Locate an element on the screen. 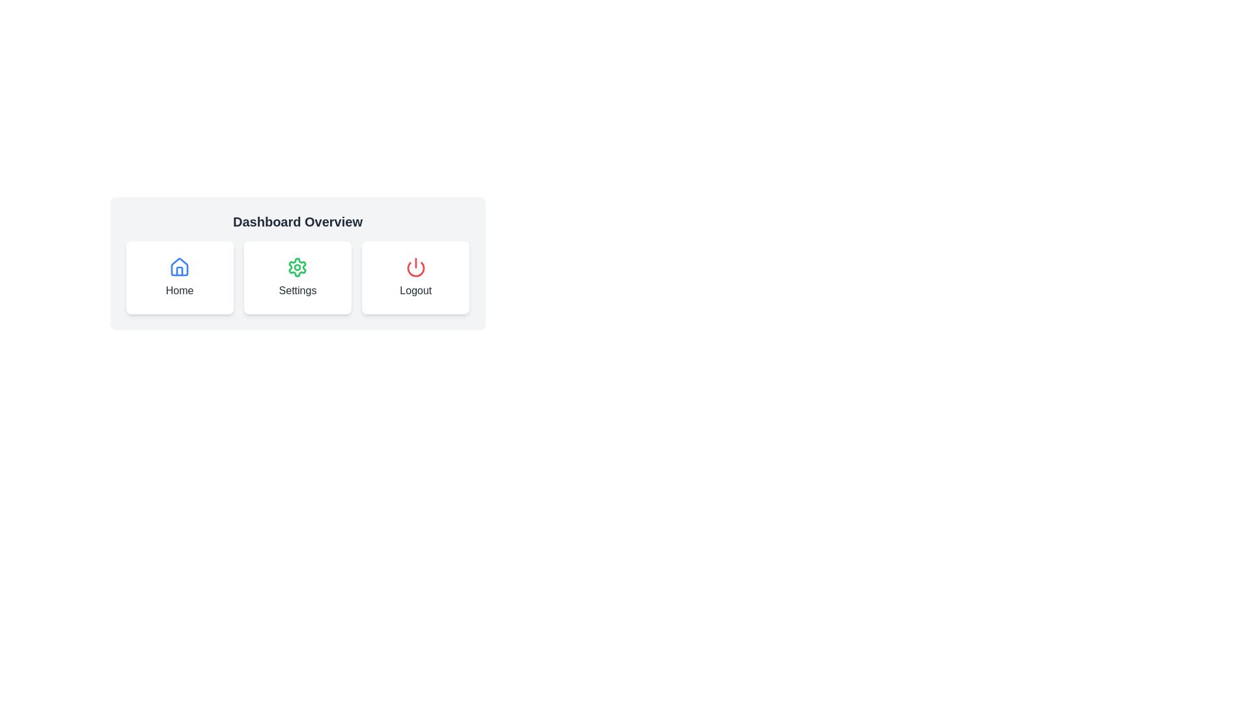 The height and width of the screenshot is (703, 1250). the Power button icon located centrally above the 'Logout' text within the card labeled 'Logout' is located at coordinates (415, 267).